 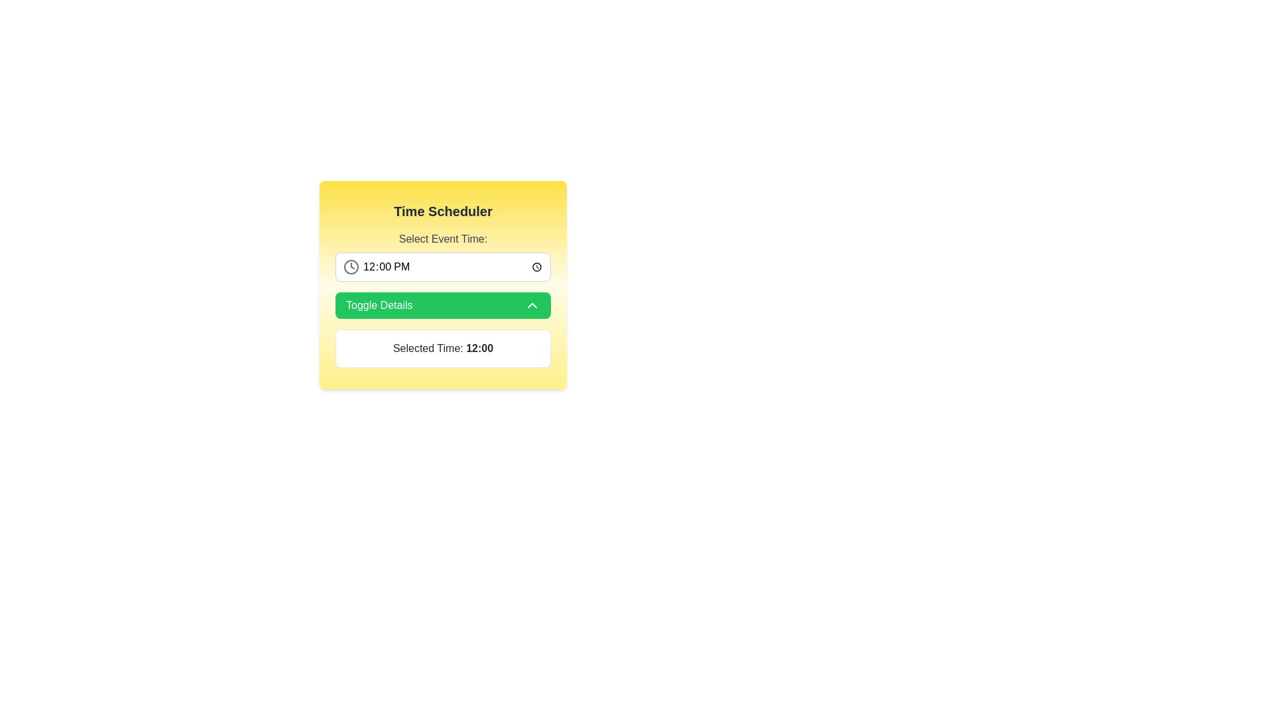 I want to click on the clock icon, which is a gray circular icon with clock hands pointing at 12 and 4, located to the left of the time input box in the yellow 'Time Scheduler' section, so click(x=351, y=267).